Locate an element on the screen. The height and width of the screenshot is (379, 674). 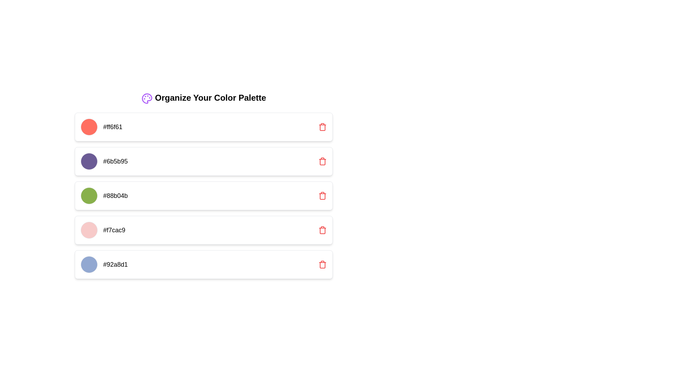
the artist's palette icon in purple, located to the left of the 'Organize Your Color Palette' title is located at coordinates (146, 98).